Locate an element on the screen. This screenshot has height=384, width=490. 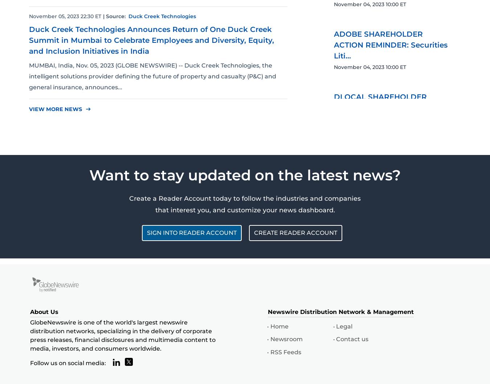
'ADOBE SHAREHOLDER ACTION REMINDER: Securities Liti...' is located at coordinates (334, 44).